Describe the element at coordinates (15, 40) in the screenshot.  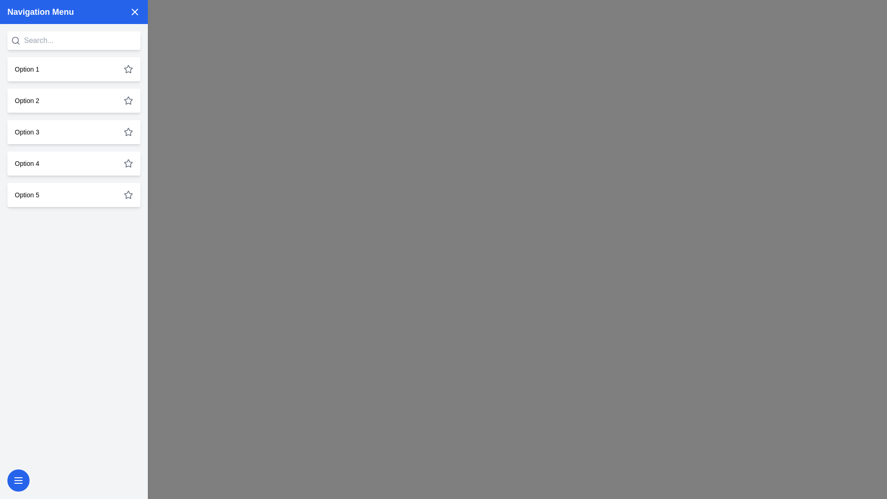
I see `the small circular shape within the search icon located at the top-left of the interface, which is part of the navigation header` at that location.